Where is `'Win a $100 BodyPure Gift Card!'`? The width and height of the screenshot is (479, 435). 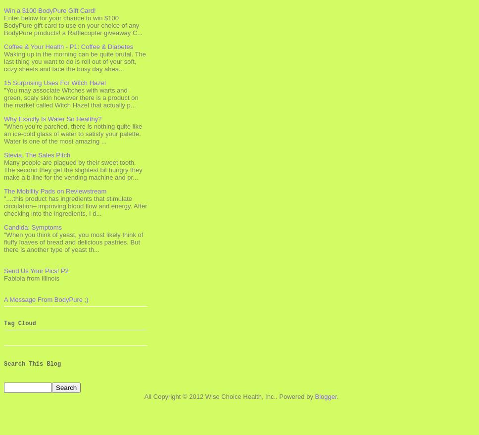 'Win a $100 BodyPure Gift Card!' is located at coordinates (49, 9).